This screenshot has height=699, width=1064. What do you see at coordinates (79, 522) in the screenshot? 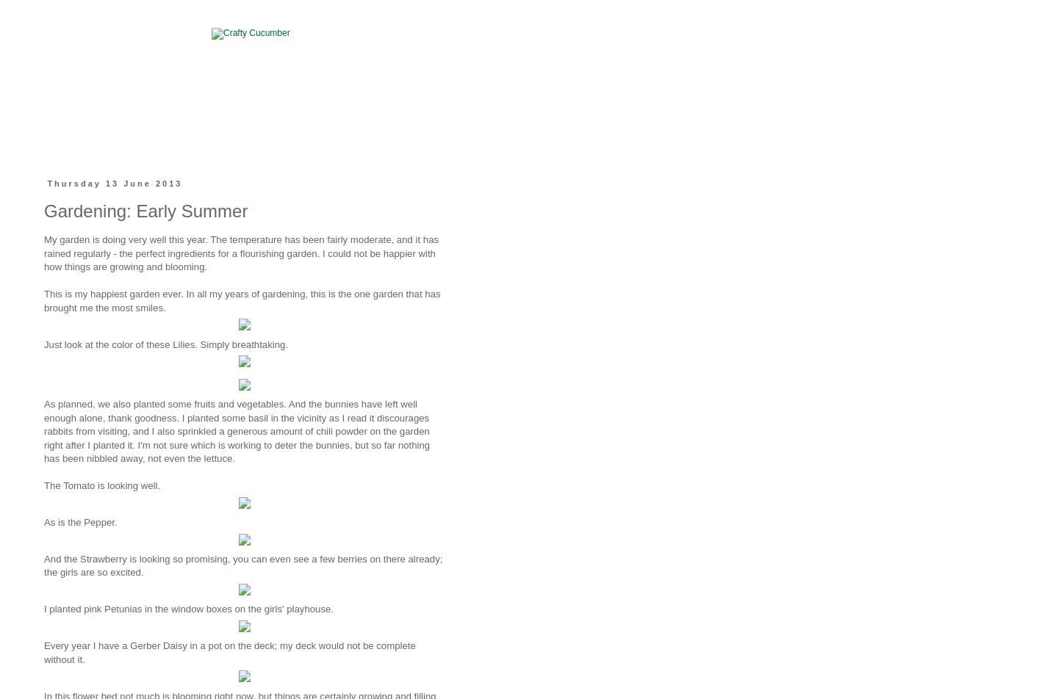
I see `'As is the Pepper.'` at bounding box center [79, 522].